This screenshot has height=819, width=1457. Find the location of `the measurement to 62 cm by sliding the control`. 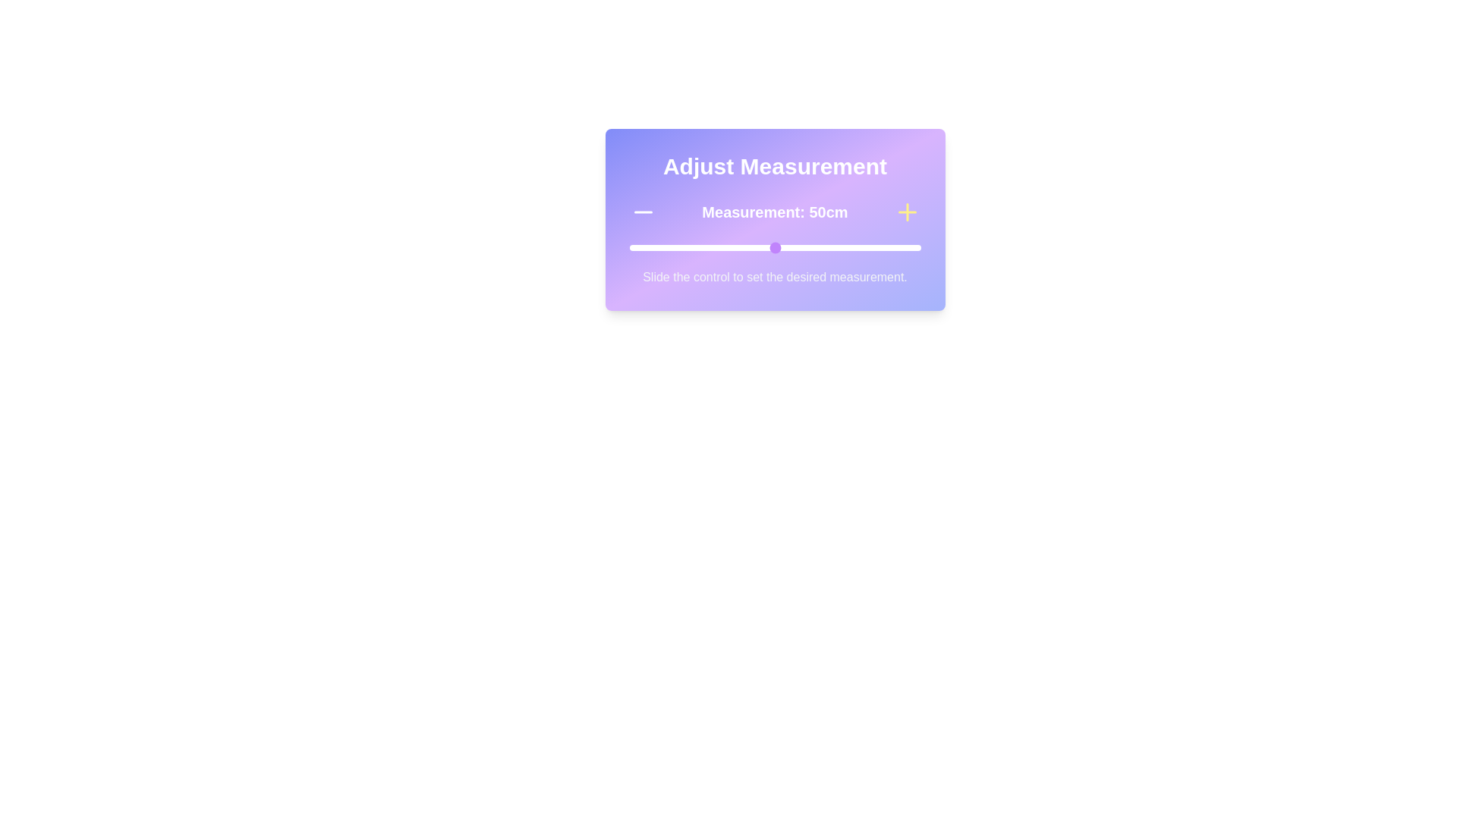

the measurement to 62 cm by sliding the control is located at coordinates (809, 247).